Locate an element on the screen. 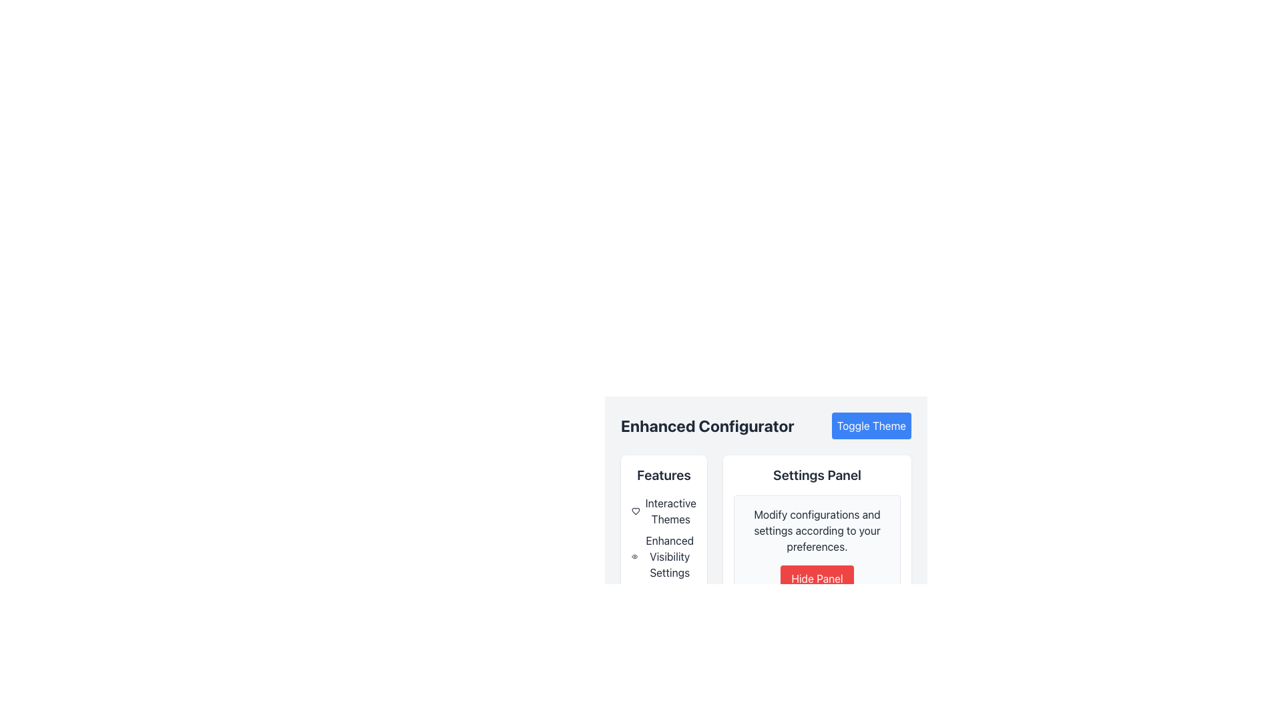  the label reading 'Enhanced Visibility Settings', which is the second item in the list under the 'Features' header is located at coordinates (664, 556).